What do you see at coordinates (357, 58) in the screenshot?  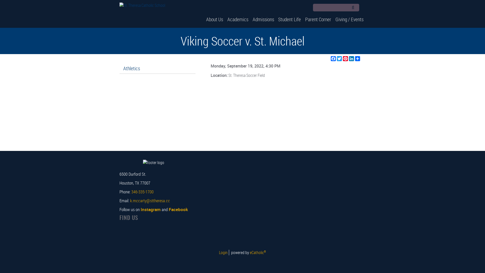 I see `'Share'` at bounding box center [357, 58].